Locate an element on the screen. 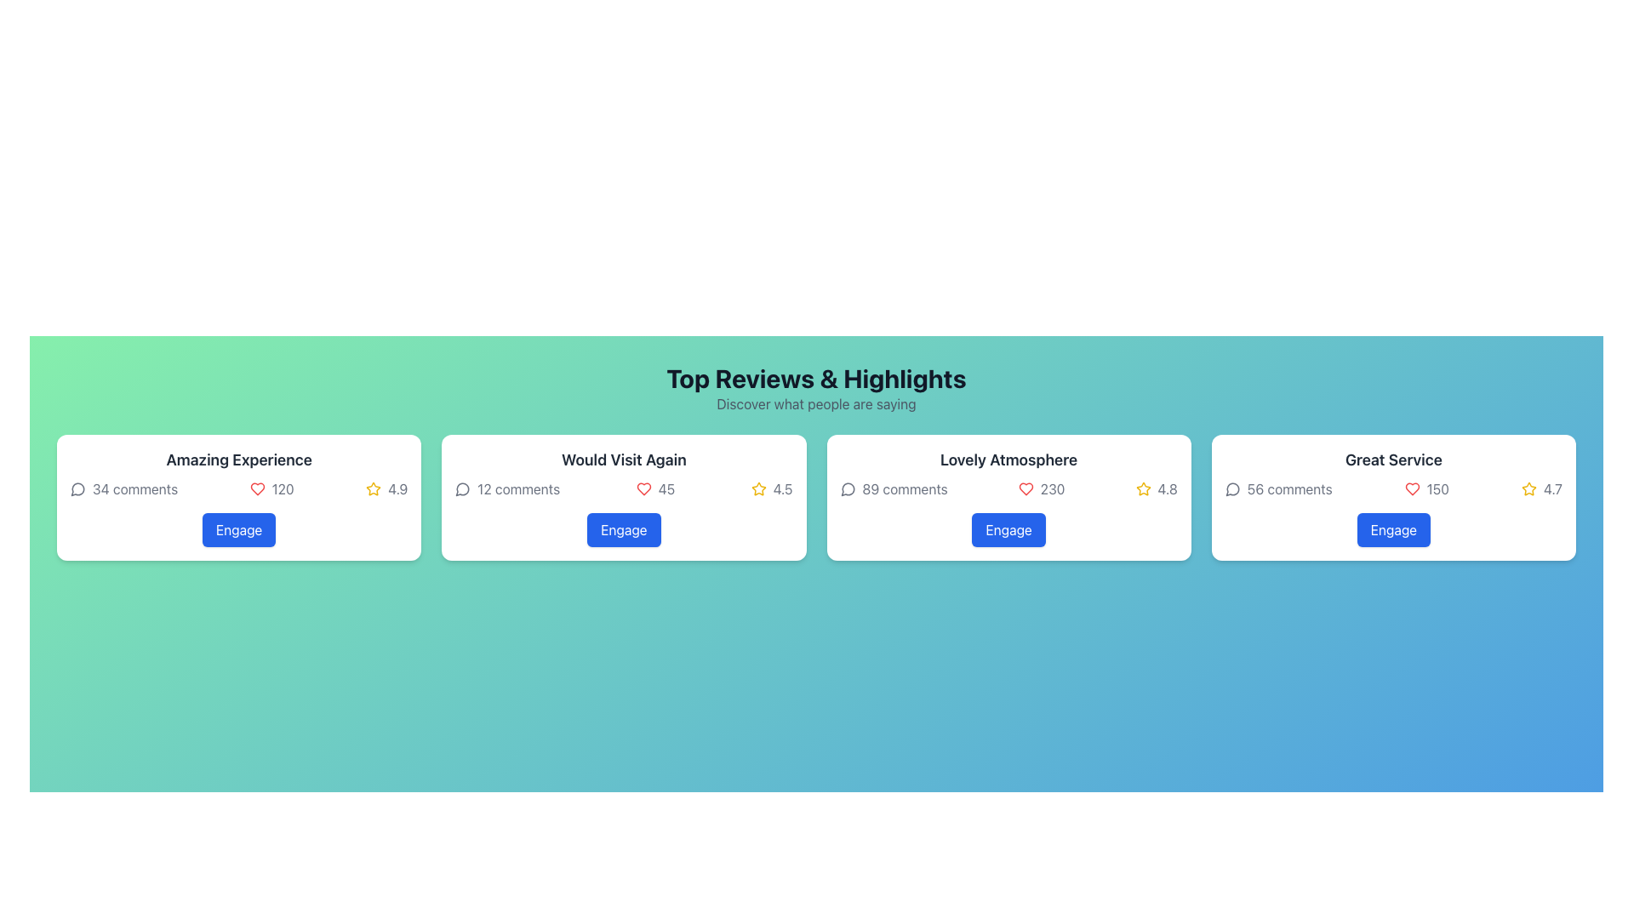  displayed user engagement metrics in the Metrics Display Section located below the title 'Amazing Experience' and above the 'Engage' button is located at coordinates (238, 488).